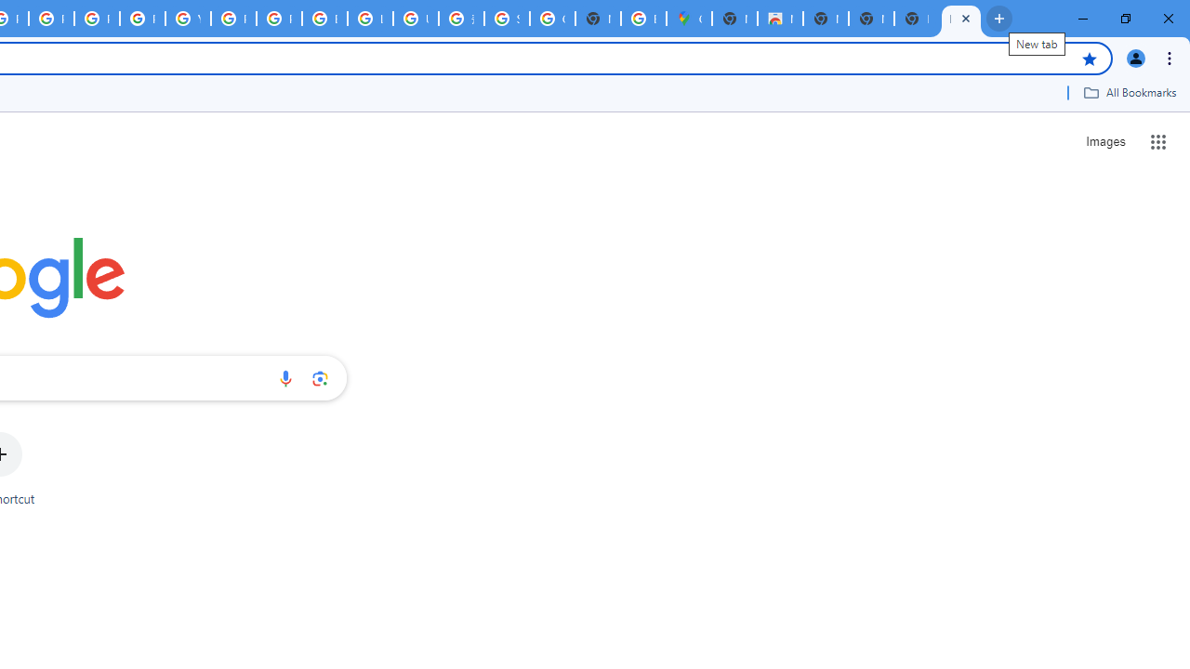  I want to click on 'Google apps', so click(1157, 141).